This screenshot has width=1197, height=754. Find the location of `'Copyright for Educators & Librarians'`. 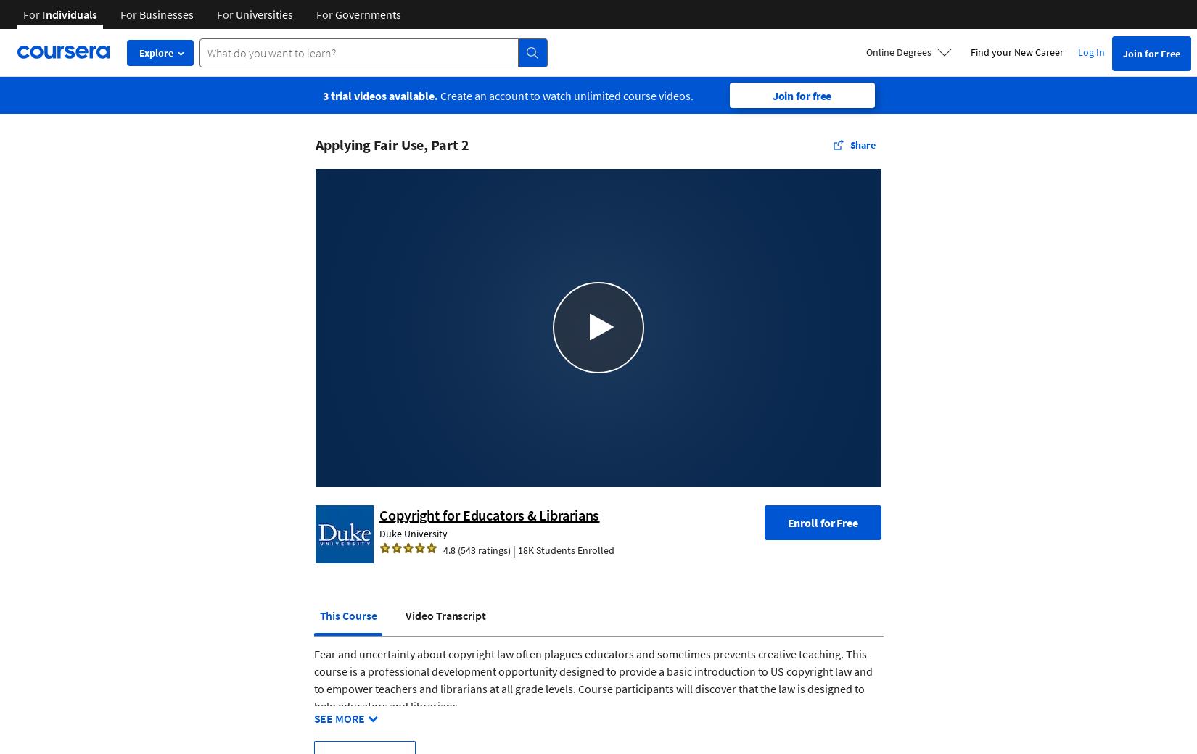

'Copyright for Educators & Librarians' is located at coordinates (488, 514).